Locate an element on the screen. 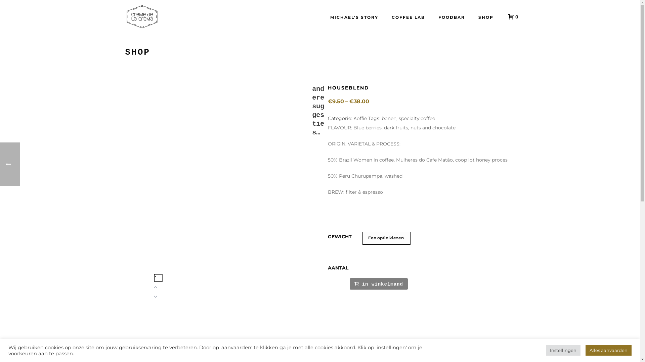 Image resolution: width=645 pixels, height=362 pixels. 'Koffie' is located at coordinates (359, 118).